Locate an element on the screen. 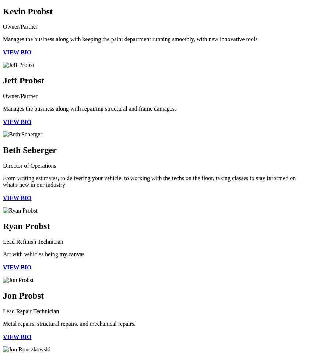 The height and width of the screenshot is (357, 313). 'Director of Operations' is located at coordinates (2, 165).